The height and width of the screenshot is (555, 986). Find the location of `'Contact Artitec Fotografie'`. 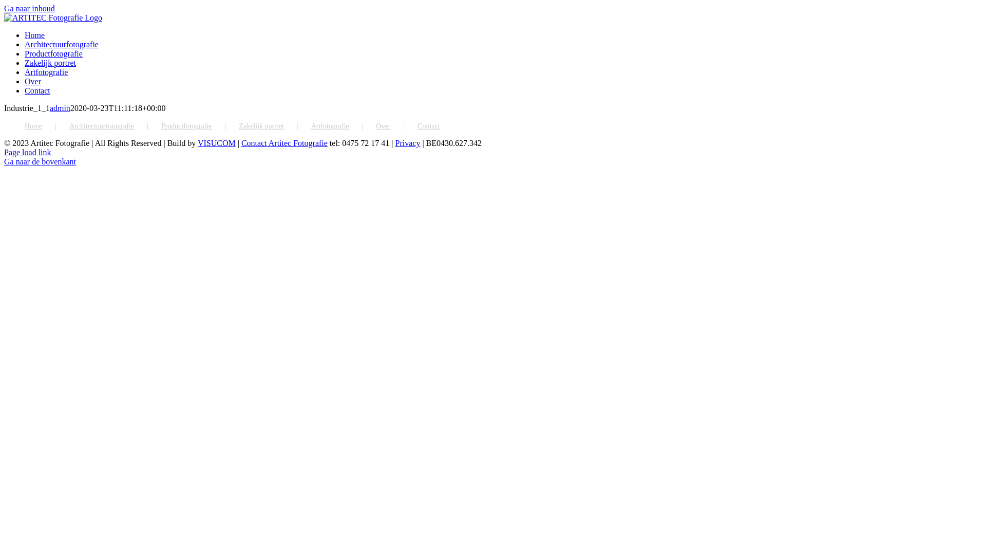

'Contact Artitec Fotografie' is located at coordinates (284, 143).